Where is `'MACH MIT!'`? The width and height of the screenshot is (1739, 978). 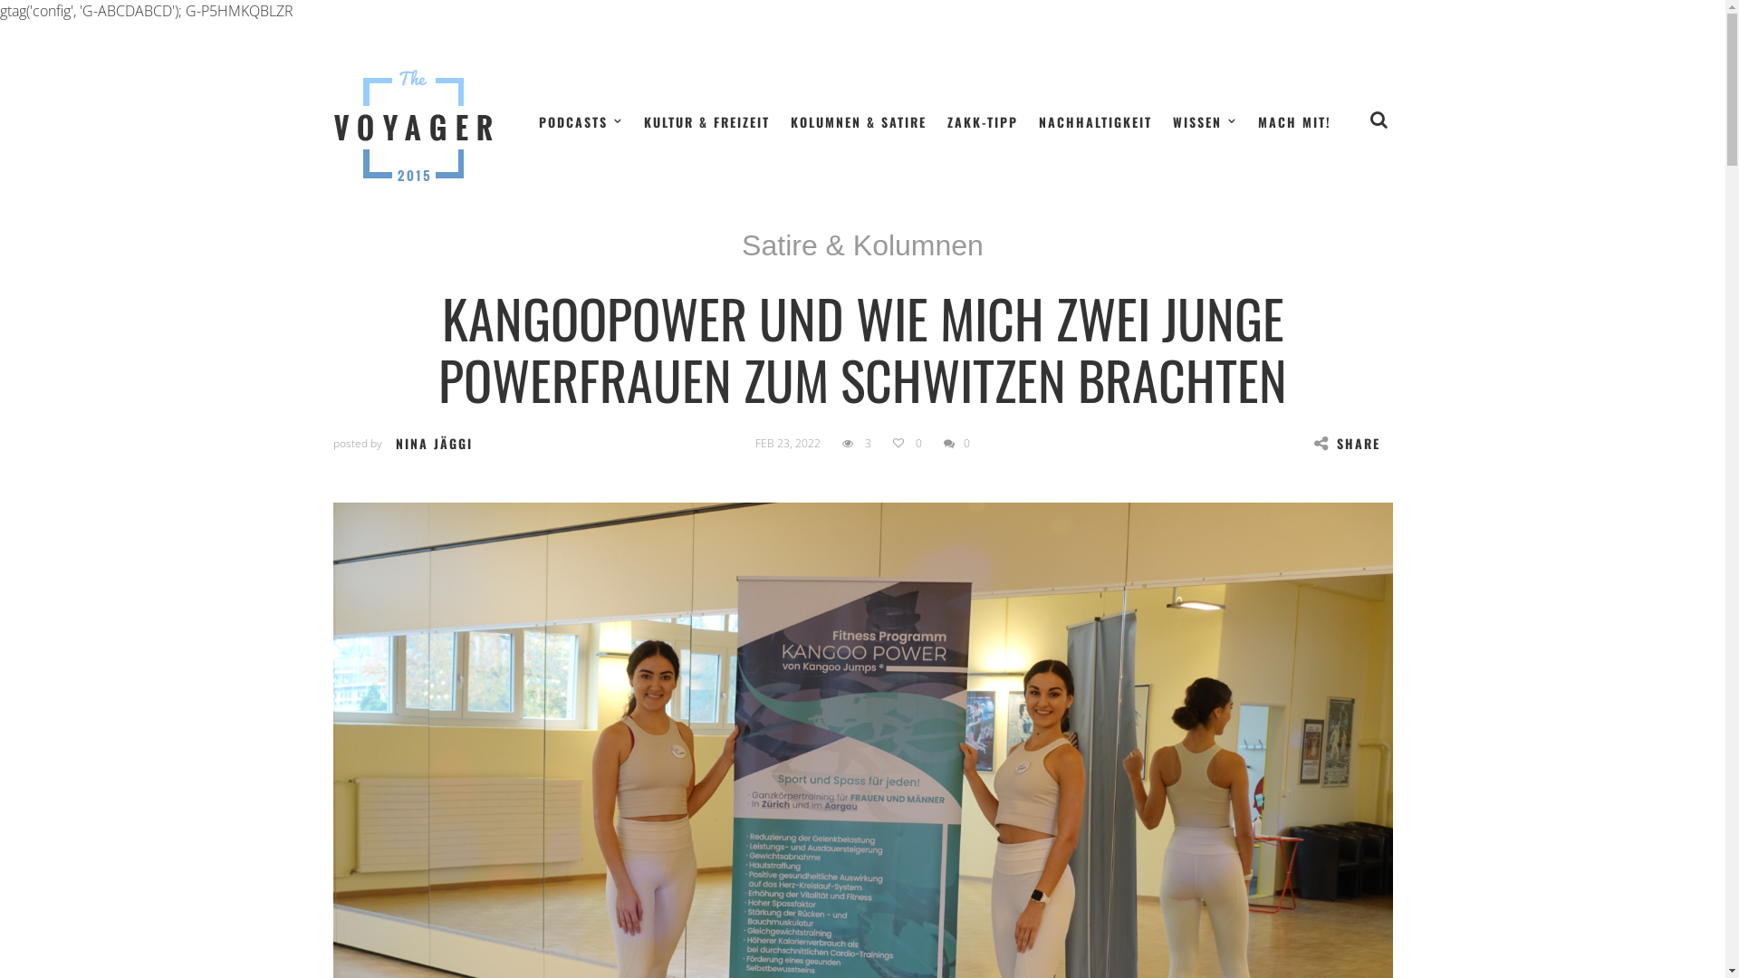
'MACH MIT!' is located at coordinates (1292, 122).